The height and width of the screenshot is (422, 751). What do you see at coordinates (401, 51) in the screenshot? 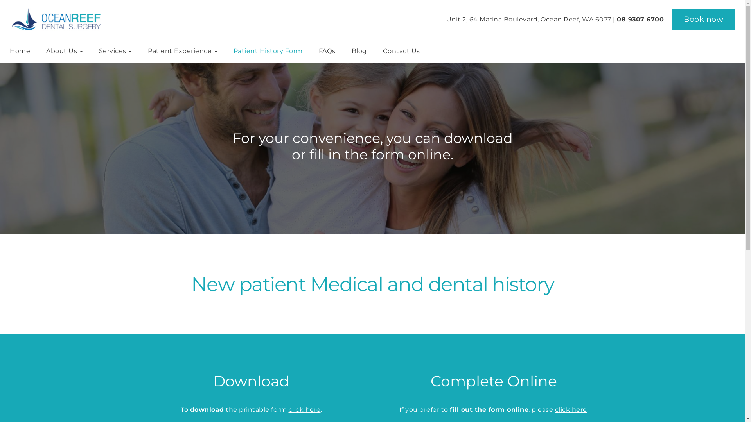
I see `'Contact Us'` at bounding box center [401, 51].